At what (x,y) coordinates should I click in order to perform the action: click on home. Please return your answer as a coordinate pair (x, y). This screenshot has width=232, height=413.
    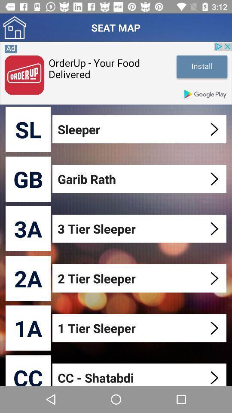
    Looking at the image, I should click on (14, 28).